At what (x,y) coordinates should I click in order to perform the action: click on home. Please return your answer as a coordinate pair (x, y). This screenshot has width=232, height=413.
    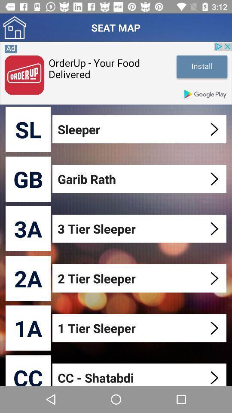
    Looking at the image, I should click on (14, 28).